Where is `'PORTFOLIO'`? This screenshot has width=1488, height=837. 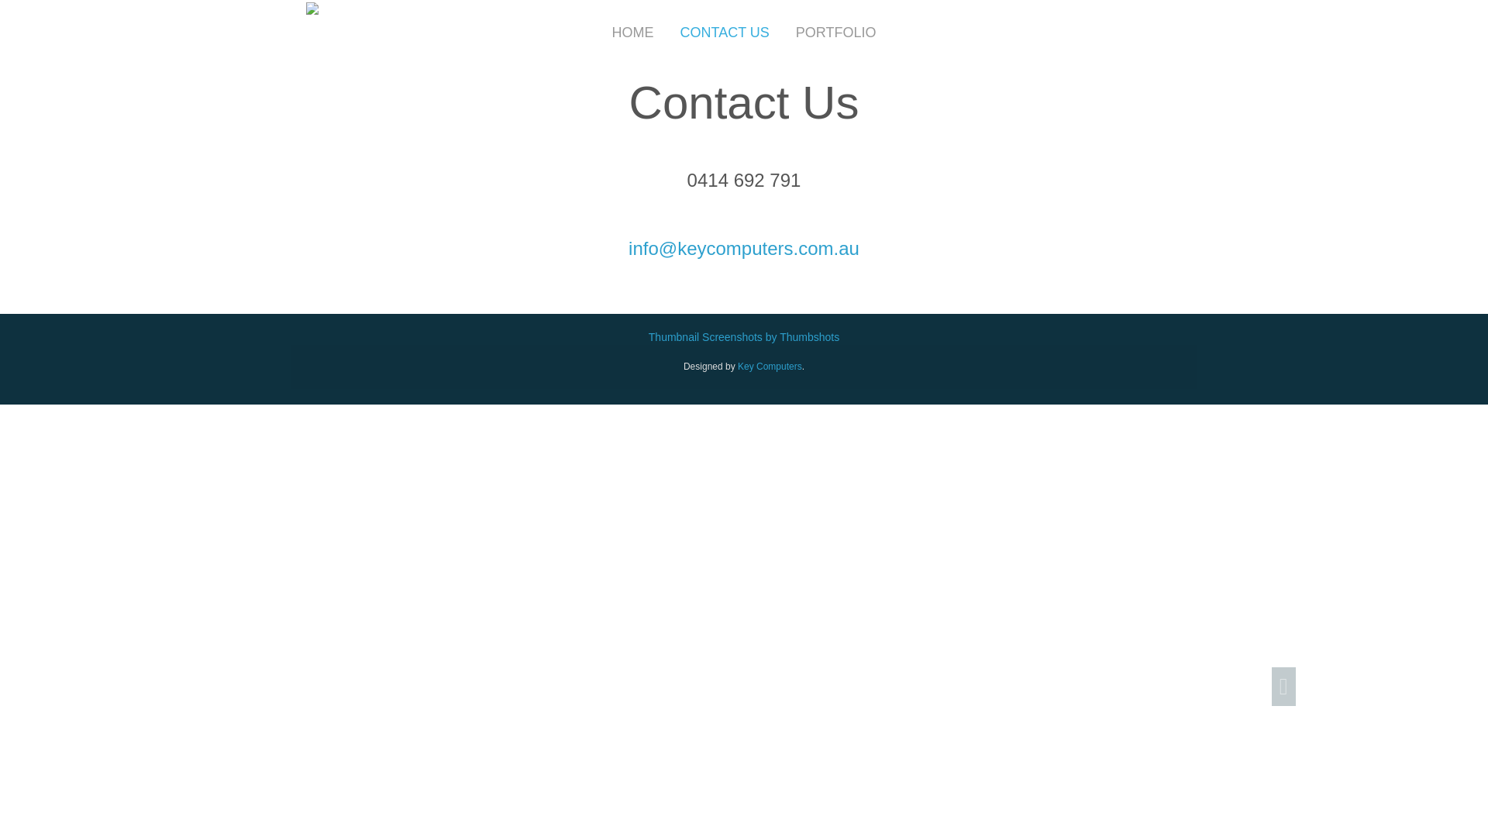 'PORTFOLIO' is located at coordinates (835, 33).